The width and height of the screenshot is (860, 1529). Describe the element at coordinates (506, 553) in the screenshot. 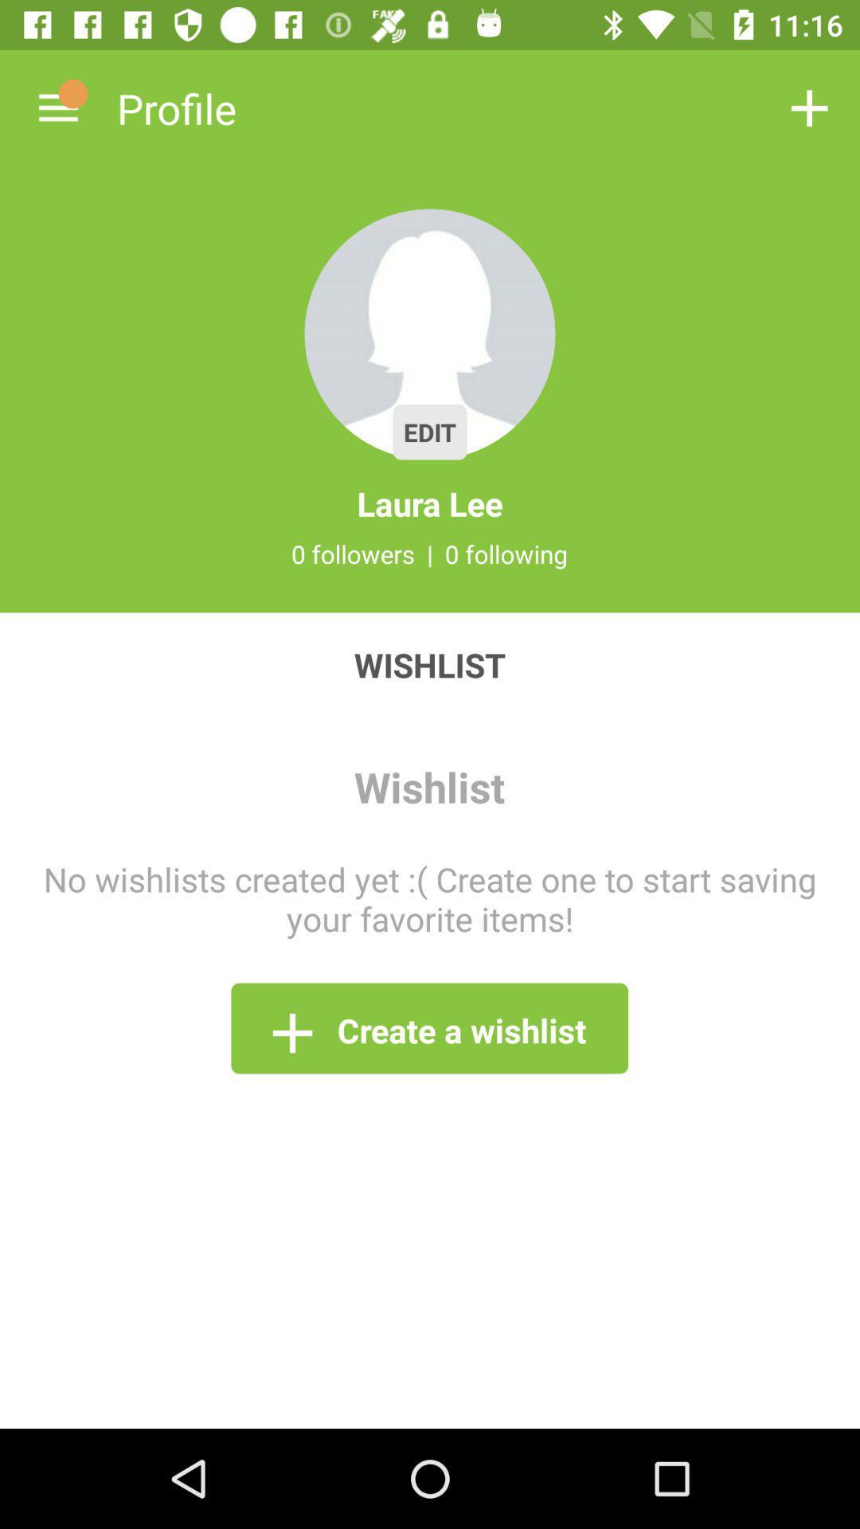

I see `item next to the   |   icon` at that location.